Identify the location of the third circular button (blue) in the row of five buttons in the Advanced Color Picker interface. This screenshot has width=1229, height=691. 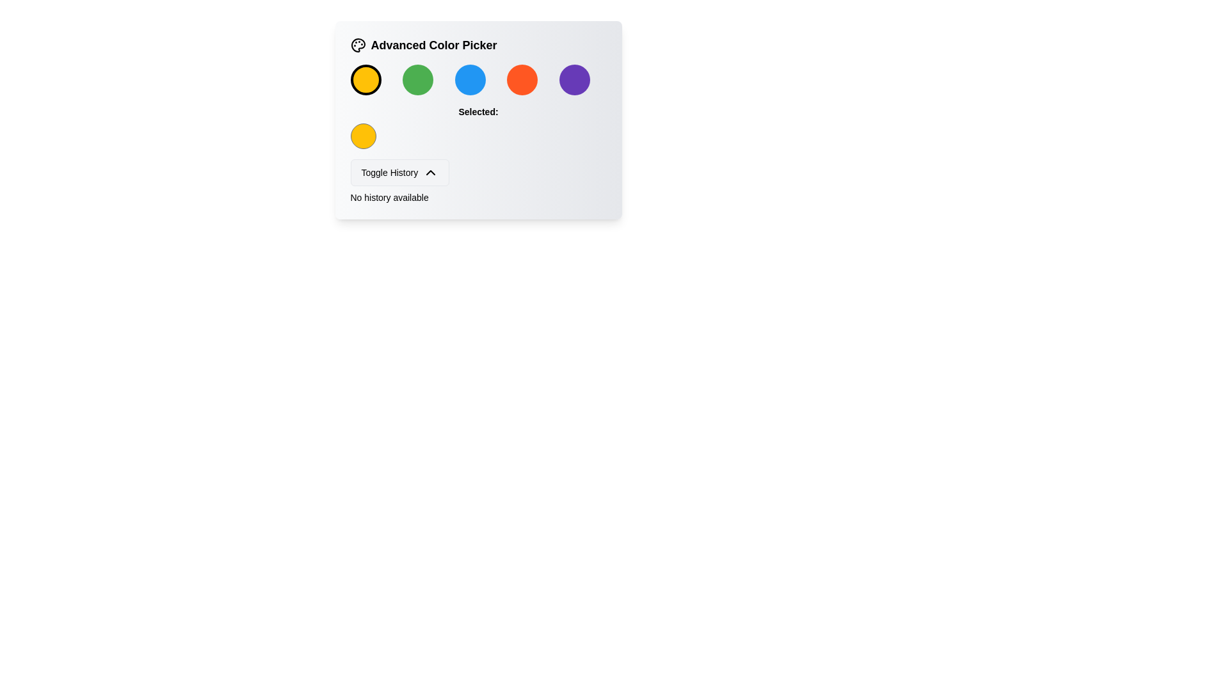
(478, 79).